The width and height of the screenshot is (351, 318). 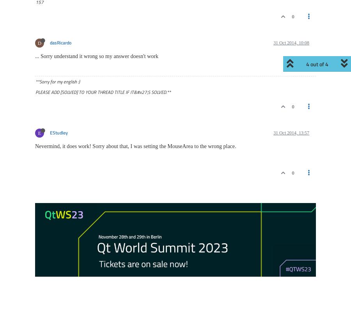 What do you see at coordinates (291, 42) in the screenshot?
I see `'31 Oct 2014, 10:08'` at bounding box center [291, 42].